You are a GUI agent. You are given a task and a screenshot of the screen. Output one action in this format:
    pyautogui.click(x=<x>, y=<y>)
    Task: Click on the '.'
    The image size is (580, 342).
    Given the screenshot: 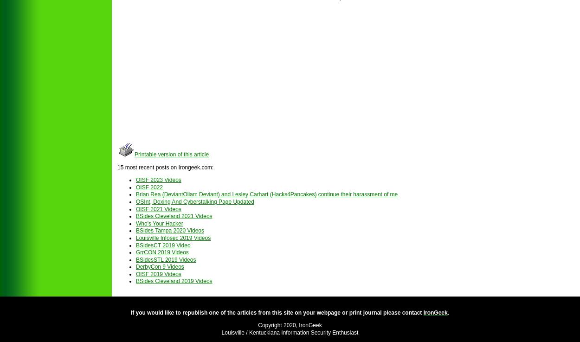 What is the action you would take?
    pyautogui.click(x=448, y=312)
    